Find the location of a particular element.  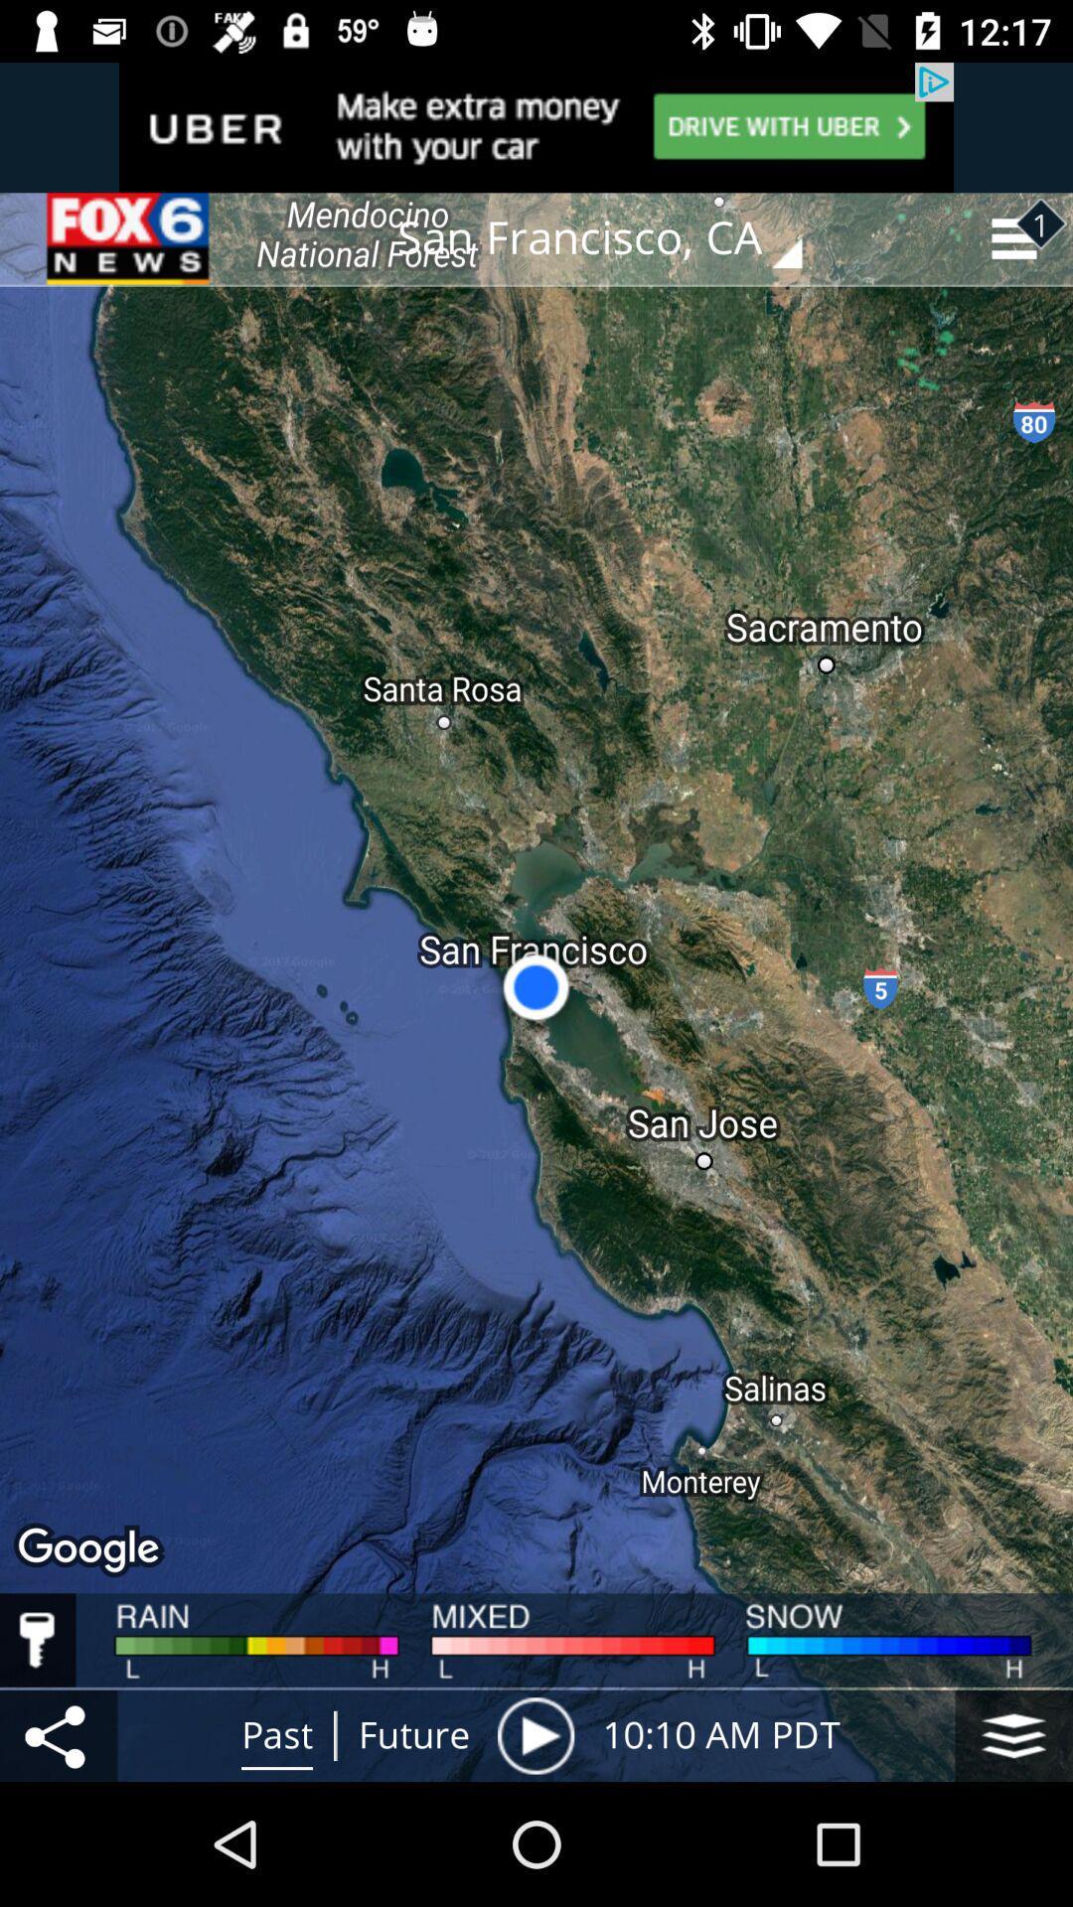

icon next to future item is located at coordinates (535, 1734).